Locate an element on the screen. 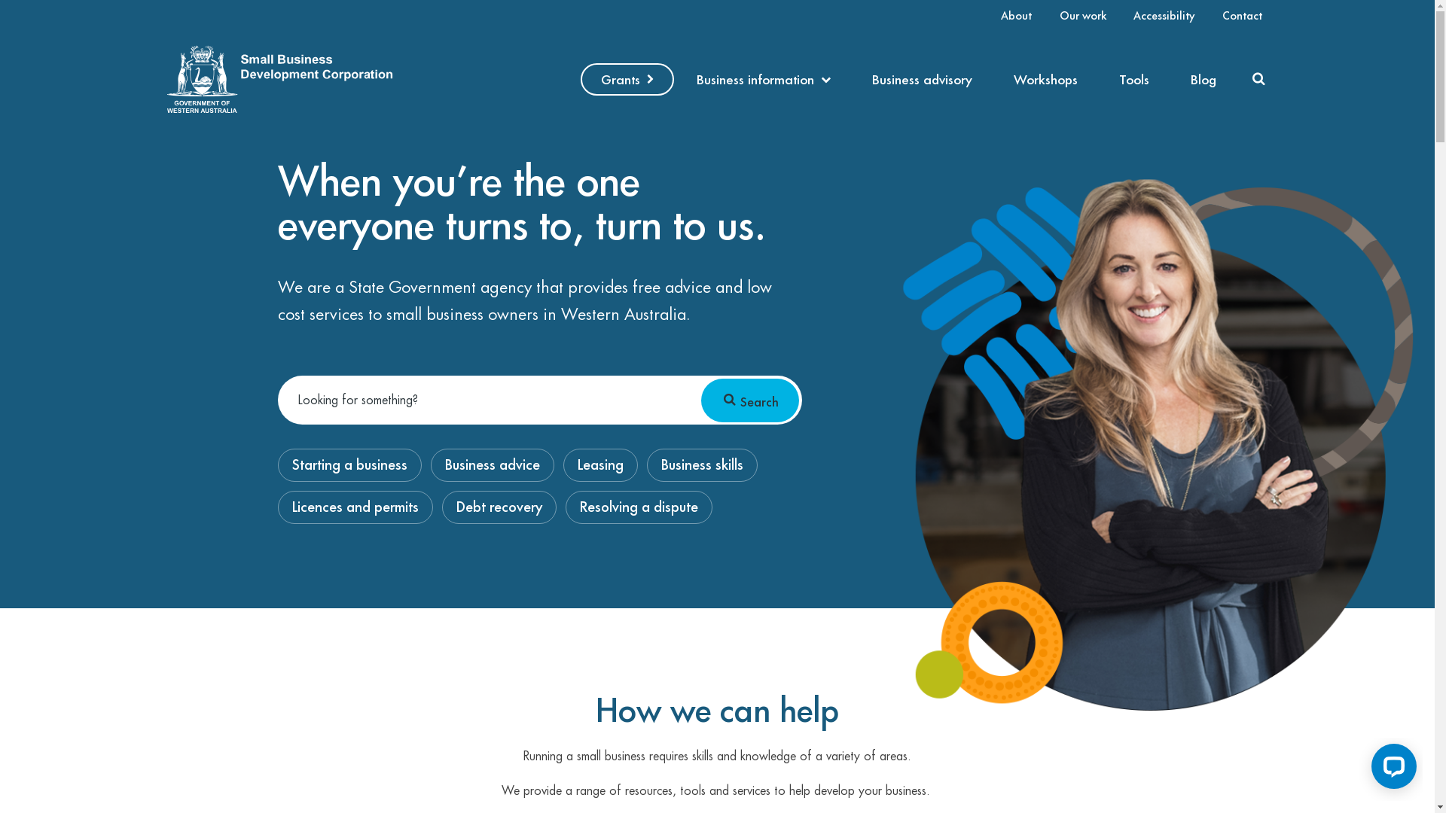 This screenshot has width=1446, height=813. 'Business advice' is located at coordinates (492, 464).